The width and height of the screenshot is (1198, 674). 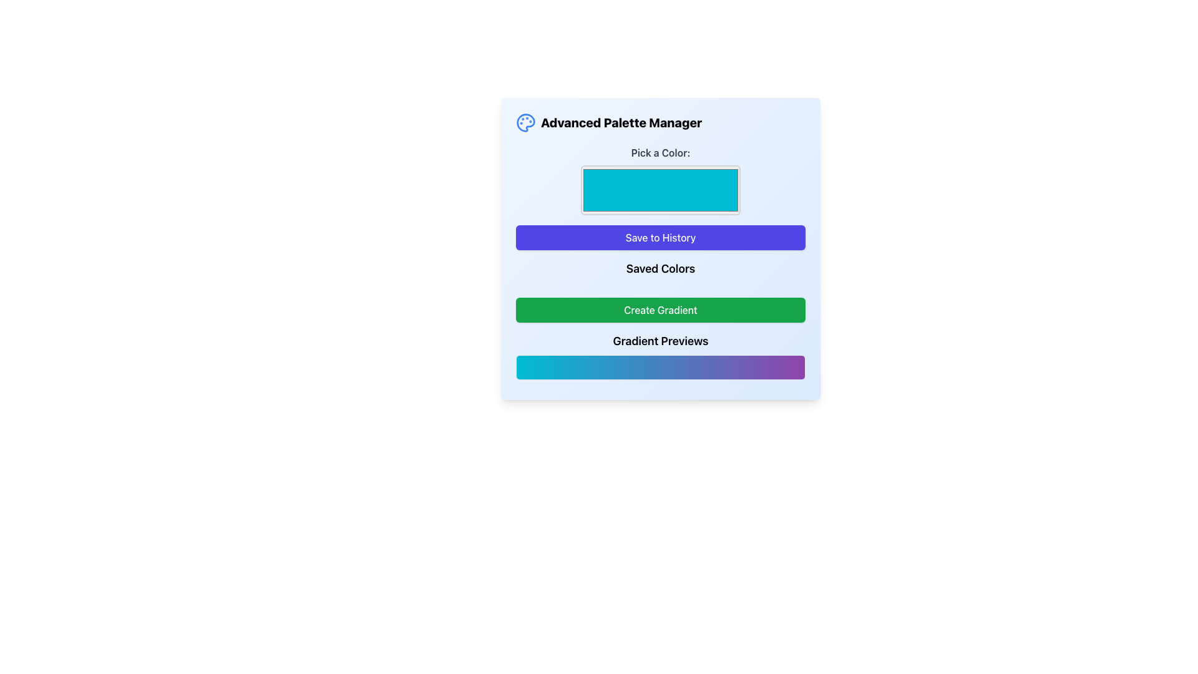 I want to click on the text label displaying 'Saved Colors', which is bold and large, positioned below the 'Save to History' button and above the 'Create Gradient' button, so click(x=660, y=268).